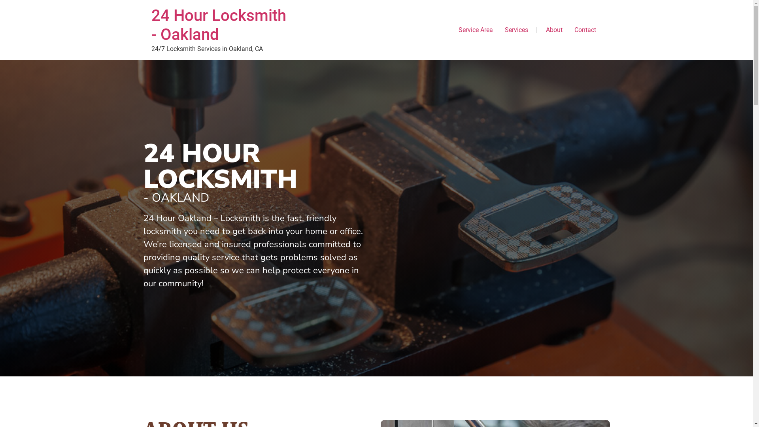 Image resolution: width=759 pixels, height=427 pixels. What do you see at coordinates (585, 30) in the screenshot?
I see `'Contact'` at bounding box center [585, 30].